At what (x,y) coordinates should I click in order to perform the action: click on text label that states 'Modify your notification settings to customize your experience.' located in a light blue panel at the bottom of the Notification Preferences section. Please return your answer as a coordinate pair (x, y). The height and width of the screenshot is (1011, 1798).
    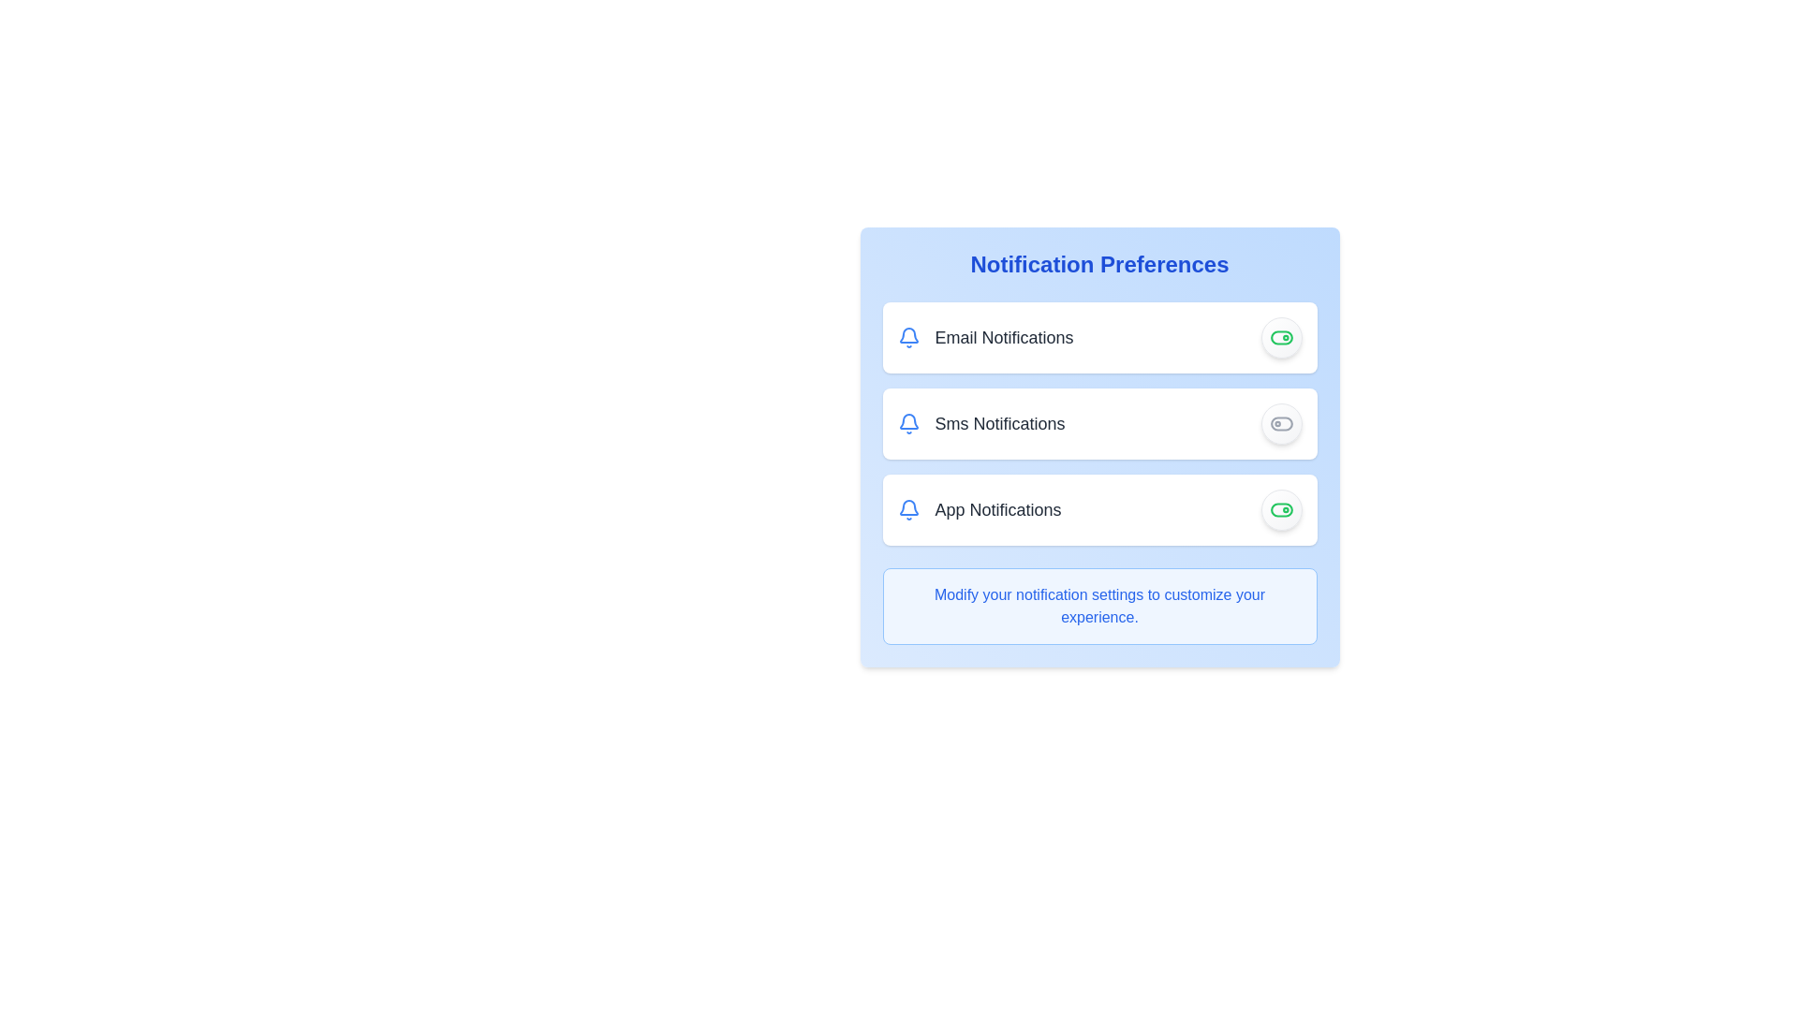
    Looking at the image, I should click on (1099, 607).